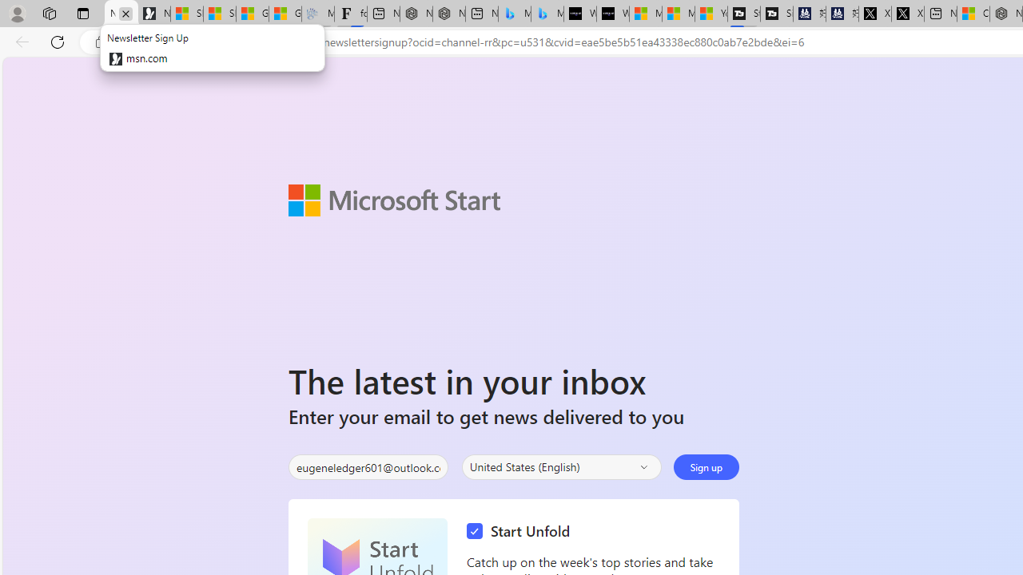 The image size is (1023, 575). I want to click on 'Select your country', so click(561, 467).